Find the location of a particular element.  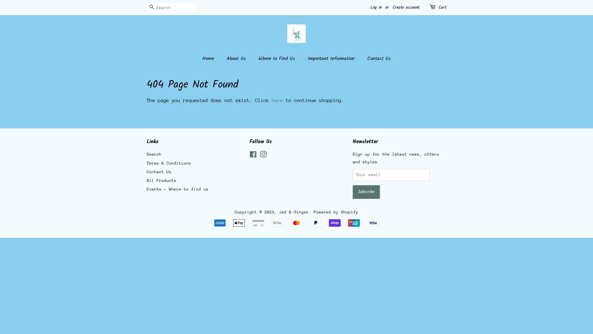

'Terms & Conditions' is located at coordinates (169, 163).